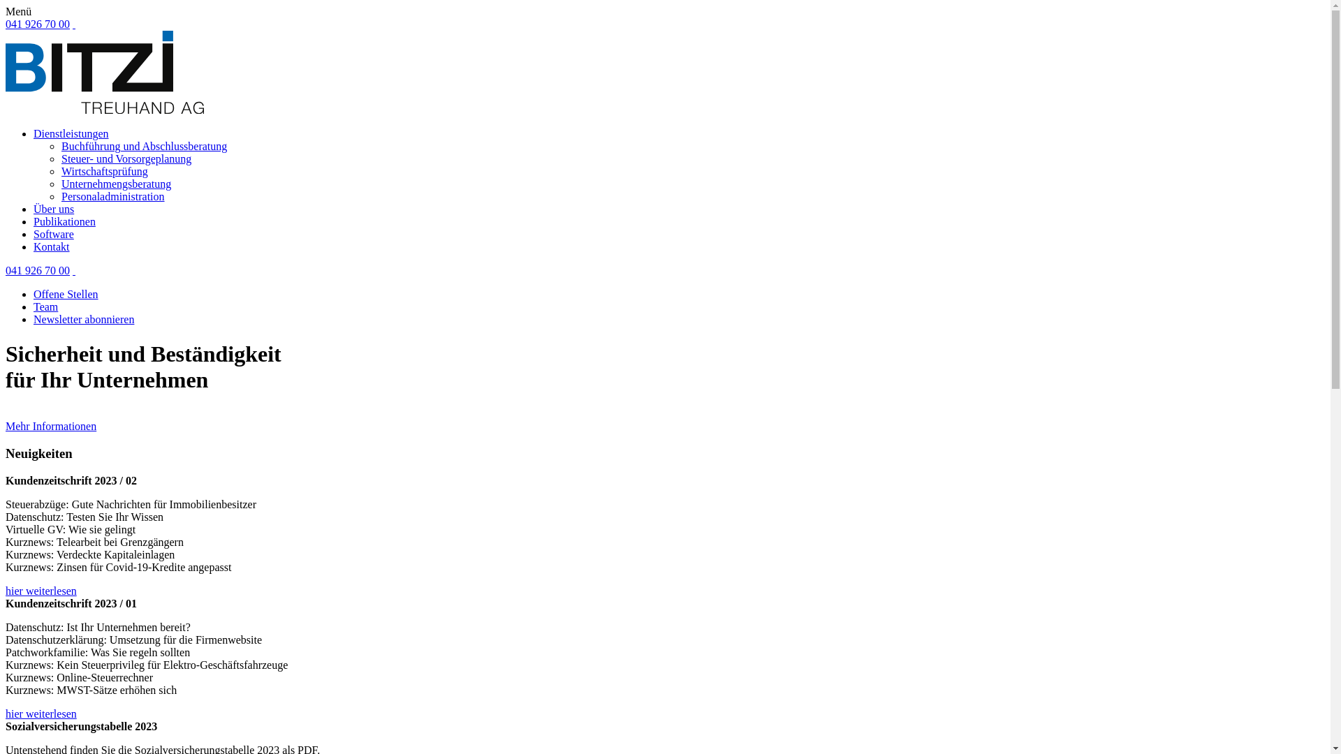  What do you see at coordinates (34, 221) in the screenshot?
I see `'Publikationen'` at bounding box center [34, 221].